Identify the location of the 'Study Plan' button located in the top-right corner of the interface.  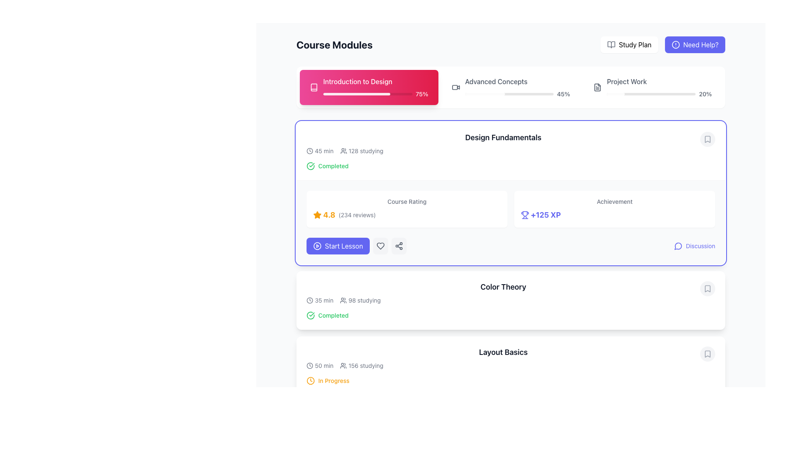
(629, 45).